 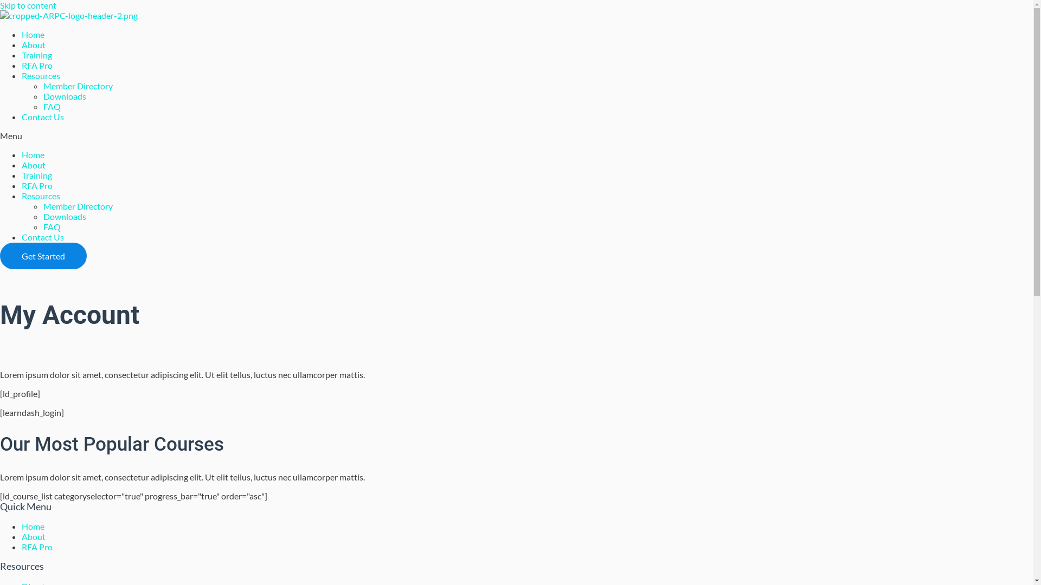 What do you see at coordinates (41, 75) in the screenshot?
I see `'Resources'` at bounding box center [41, 75].